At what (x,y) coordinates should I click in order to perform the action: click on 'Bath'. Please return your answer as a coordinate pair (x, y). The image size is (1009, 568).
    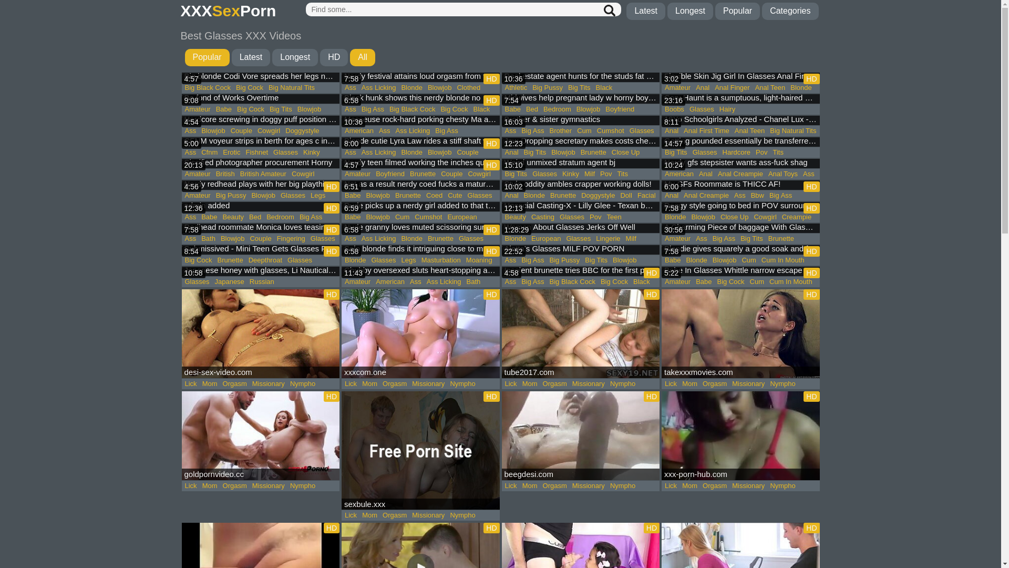
    Looking at the image, I should click on (472, 281).